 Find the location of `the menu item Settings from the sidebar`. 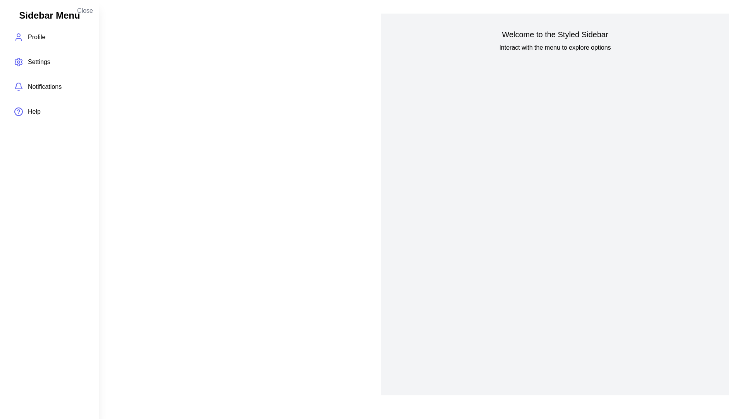

the menu item Settings from the sidebar is located at coordinates (49, 61).